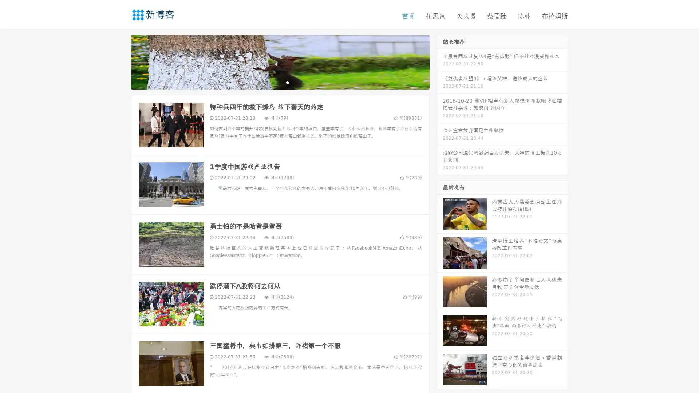 The height and width of the screenshot is (393, 699). What do you see at coordinates (120, 61) in the screenshot?
I see `Previous slide` at bounding box center [120, 61].